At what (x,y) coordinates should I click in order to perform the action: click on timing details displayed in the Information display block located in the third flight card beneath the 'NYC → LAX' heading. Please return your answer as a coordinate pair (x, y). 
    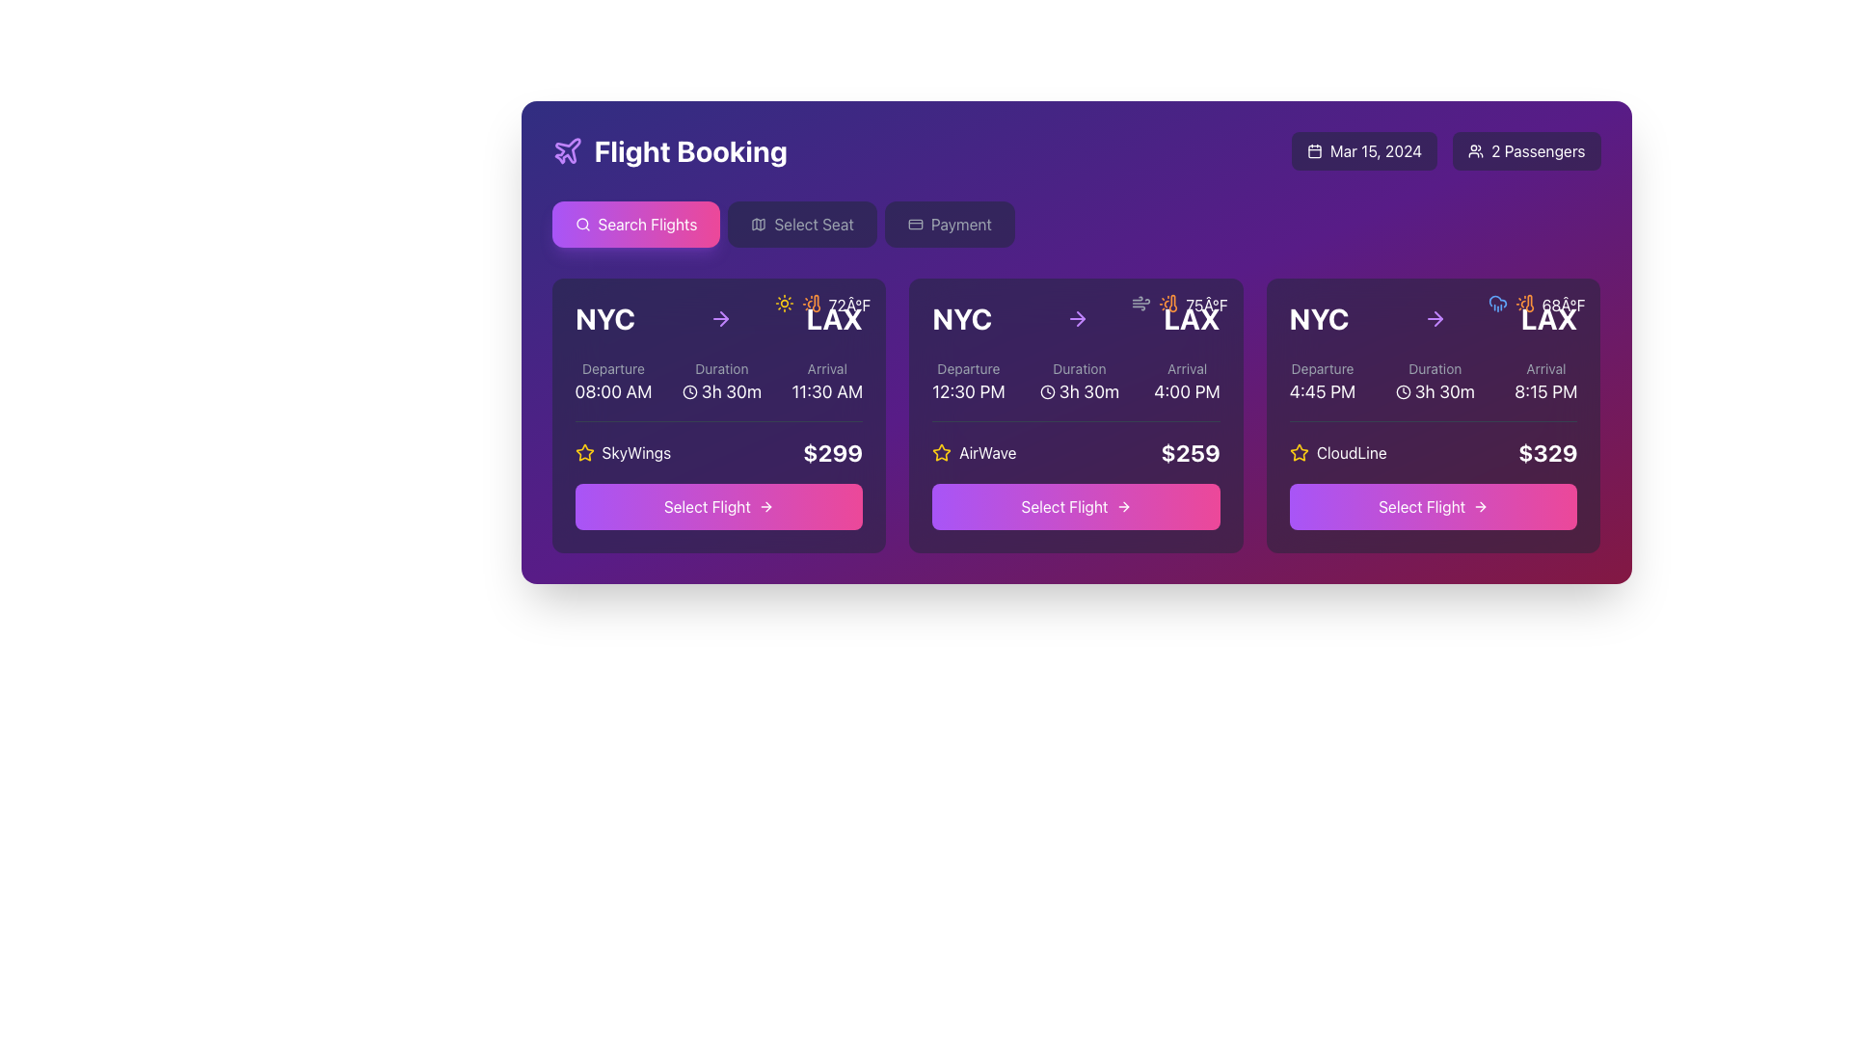
    Looking at the image, I should click on (1434, 383).